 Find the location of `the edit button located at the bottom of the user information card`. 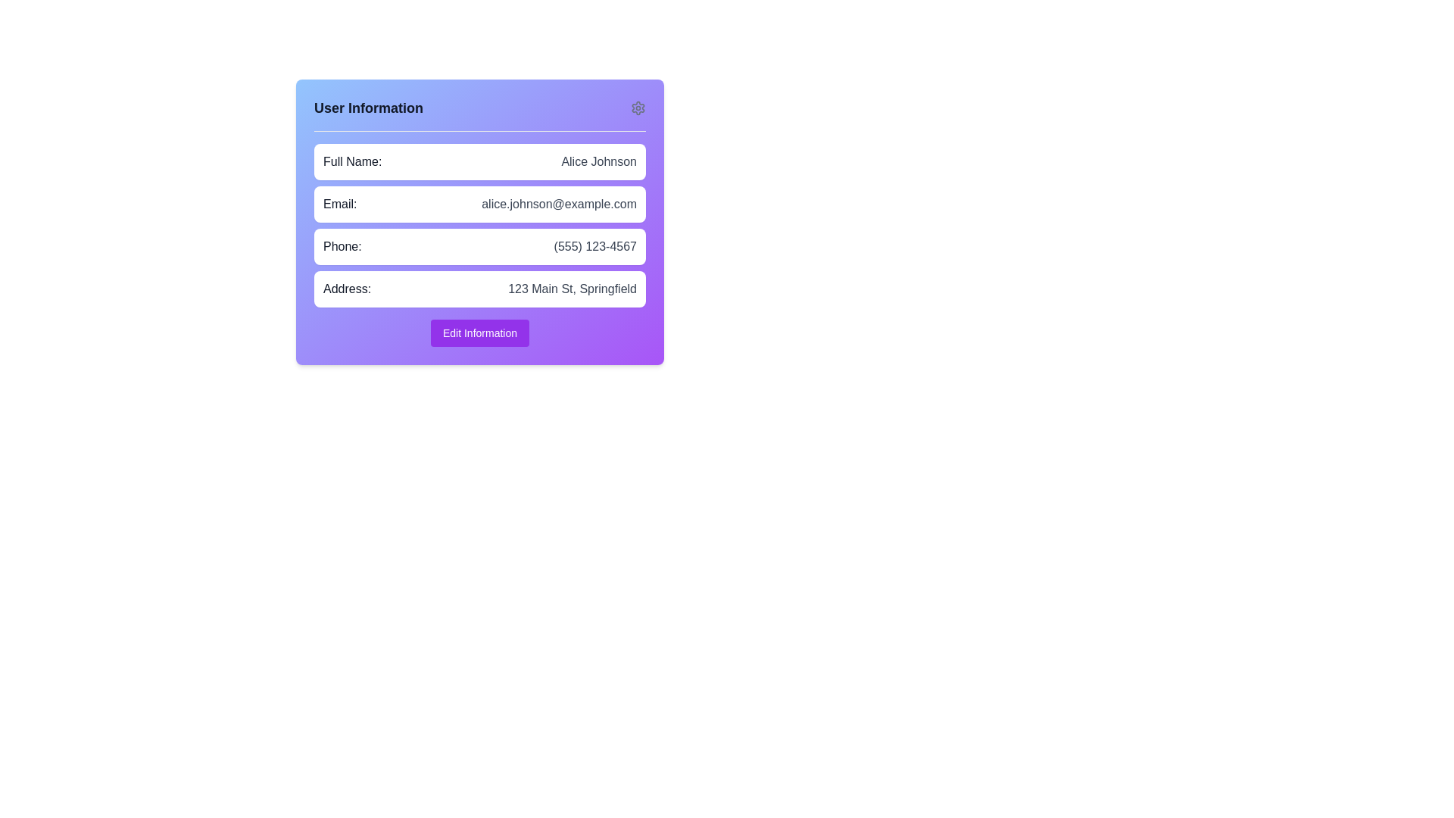

the edit button located at the bottom of the user information card is located at coordinates (479, 332).